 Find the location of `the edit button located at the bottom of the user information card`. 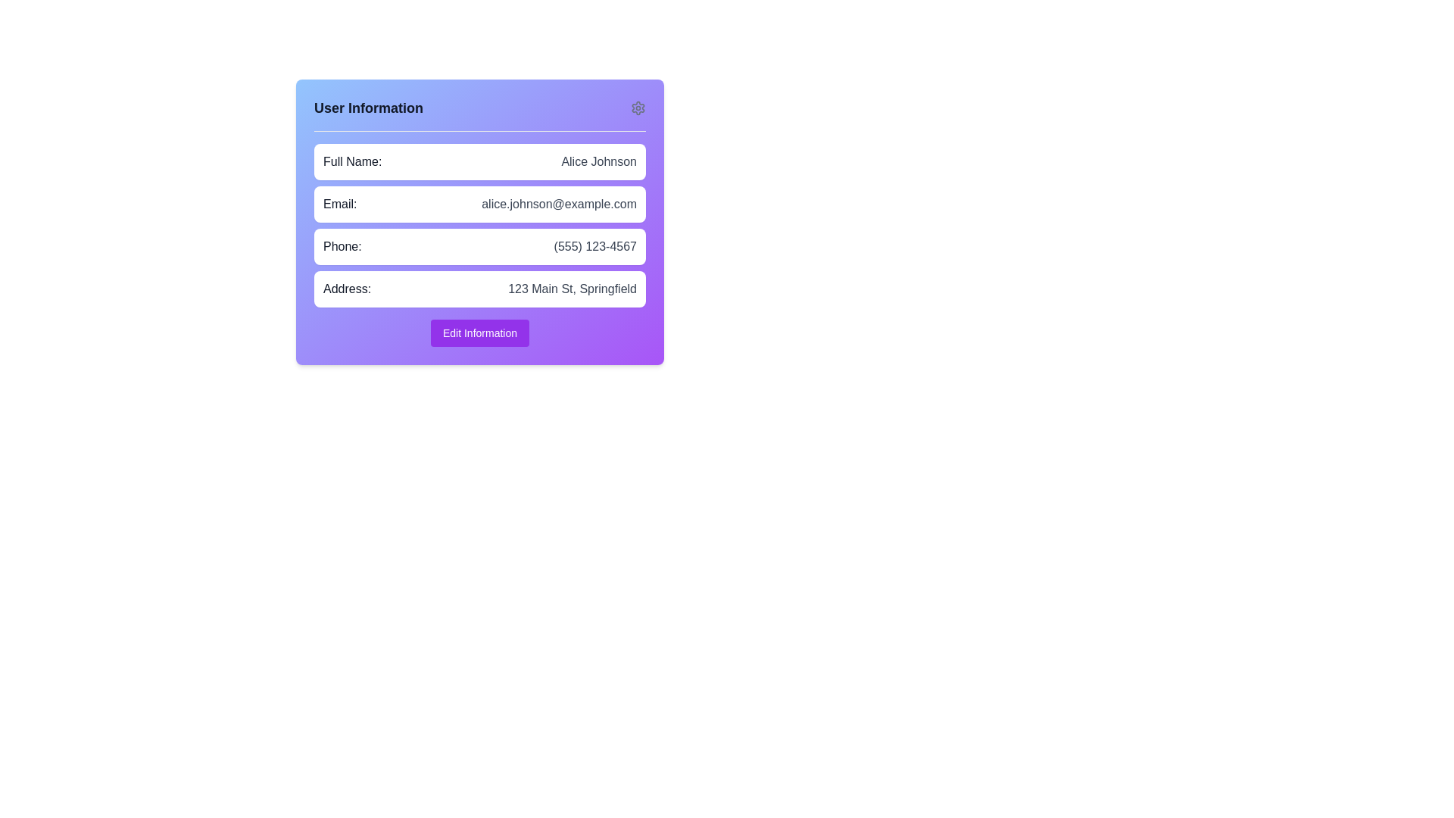

the edit button located at the bottom of the user information card is located at coordinates (479, 332).